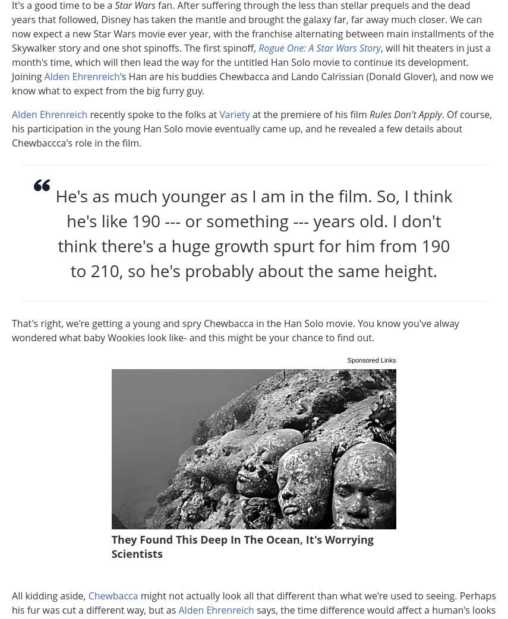 The image size is (508, 619). I want to click on 'He's as much younger as I am in the film. So, I think he's like 190 --- or something --- years old. I don't think there's a huge growth spurt for him from 190 to 210, so he's probably about the same height.', so click(253, 233).